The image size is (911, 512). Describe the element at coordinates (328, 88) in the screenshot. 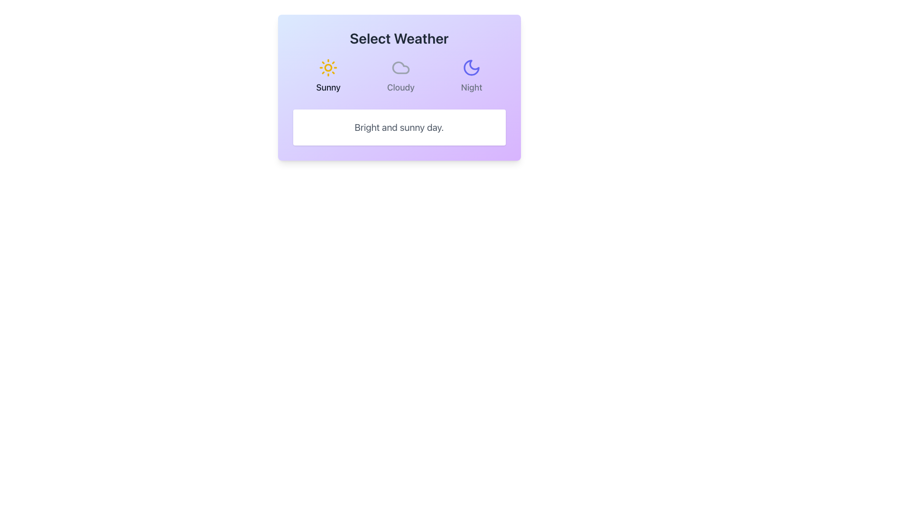

I see `the text label displaying 'Sunny', which is styled in a medium-weight, large black font and indicates sunny weather conditions, located near the center of the weather selection interface` at that location.